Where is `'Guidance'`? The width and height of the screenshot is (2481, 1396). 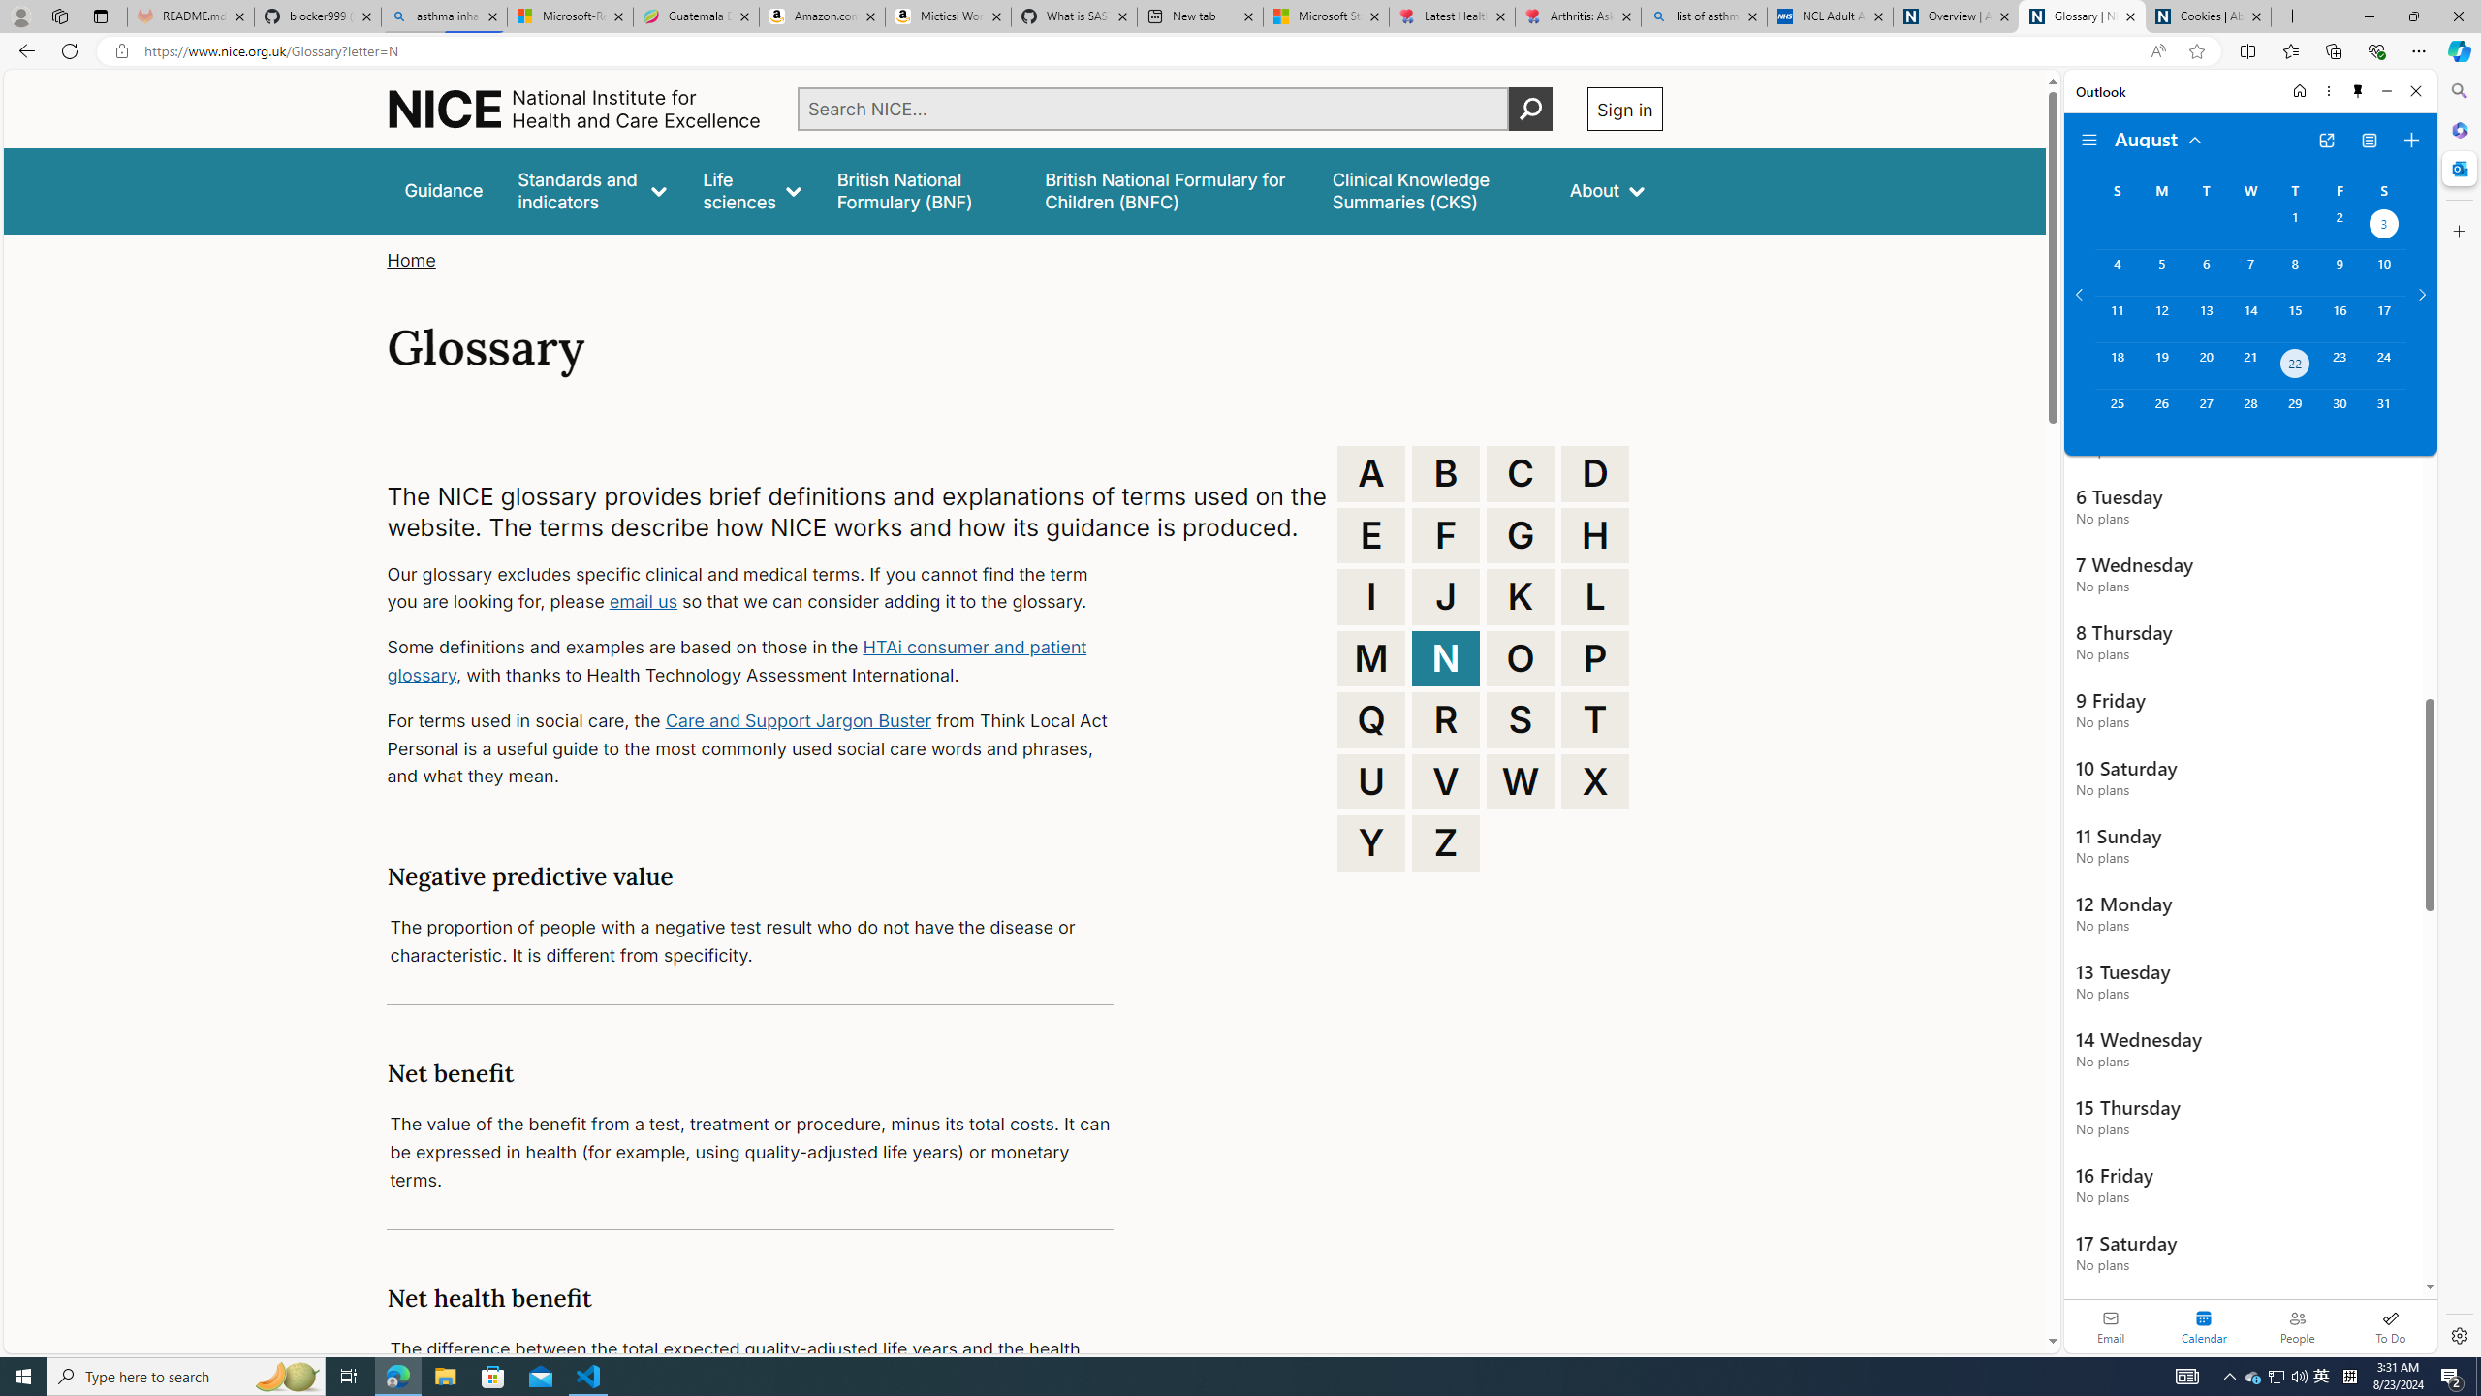
'Guidance' is located at coordinates (443, 190).